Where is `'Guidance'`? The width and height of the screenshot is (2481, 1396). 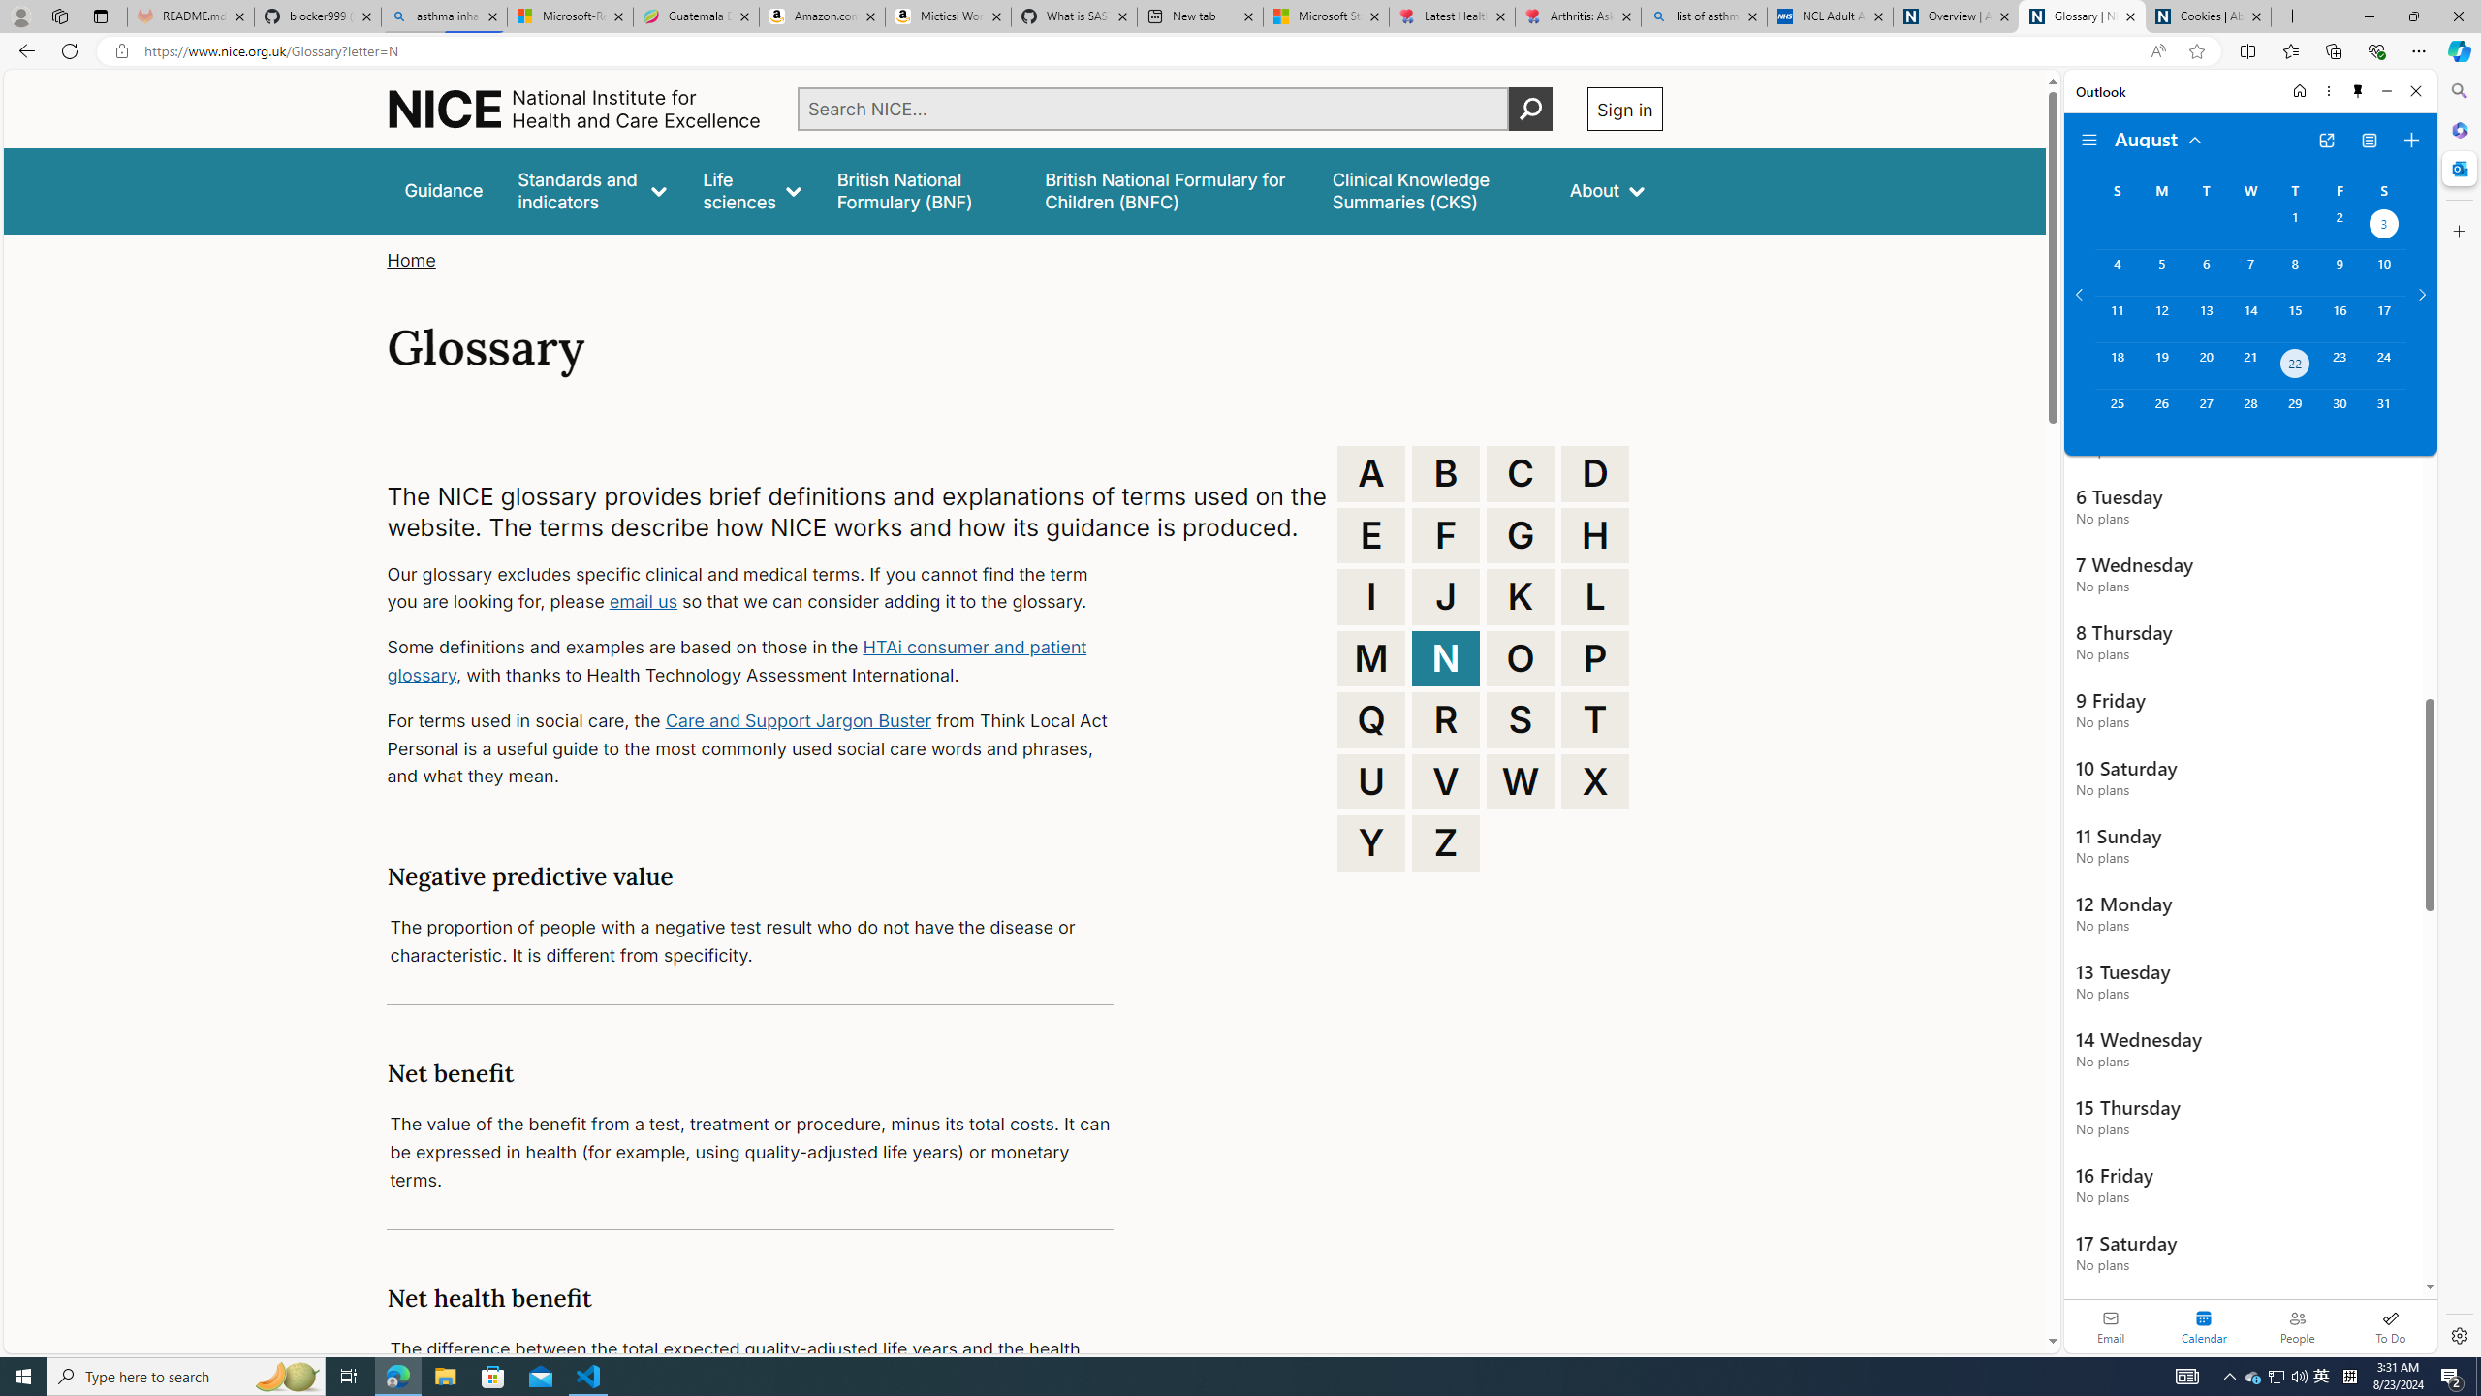
'Guidance' is located at coordinates (443, 190).